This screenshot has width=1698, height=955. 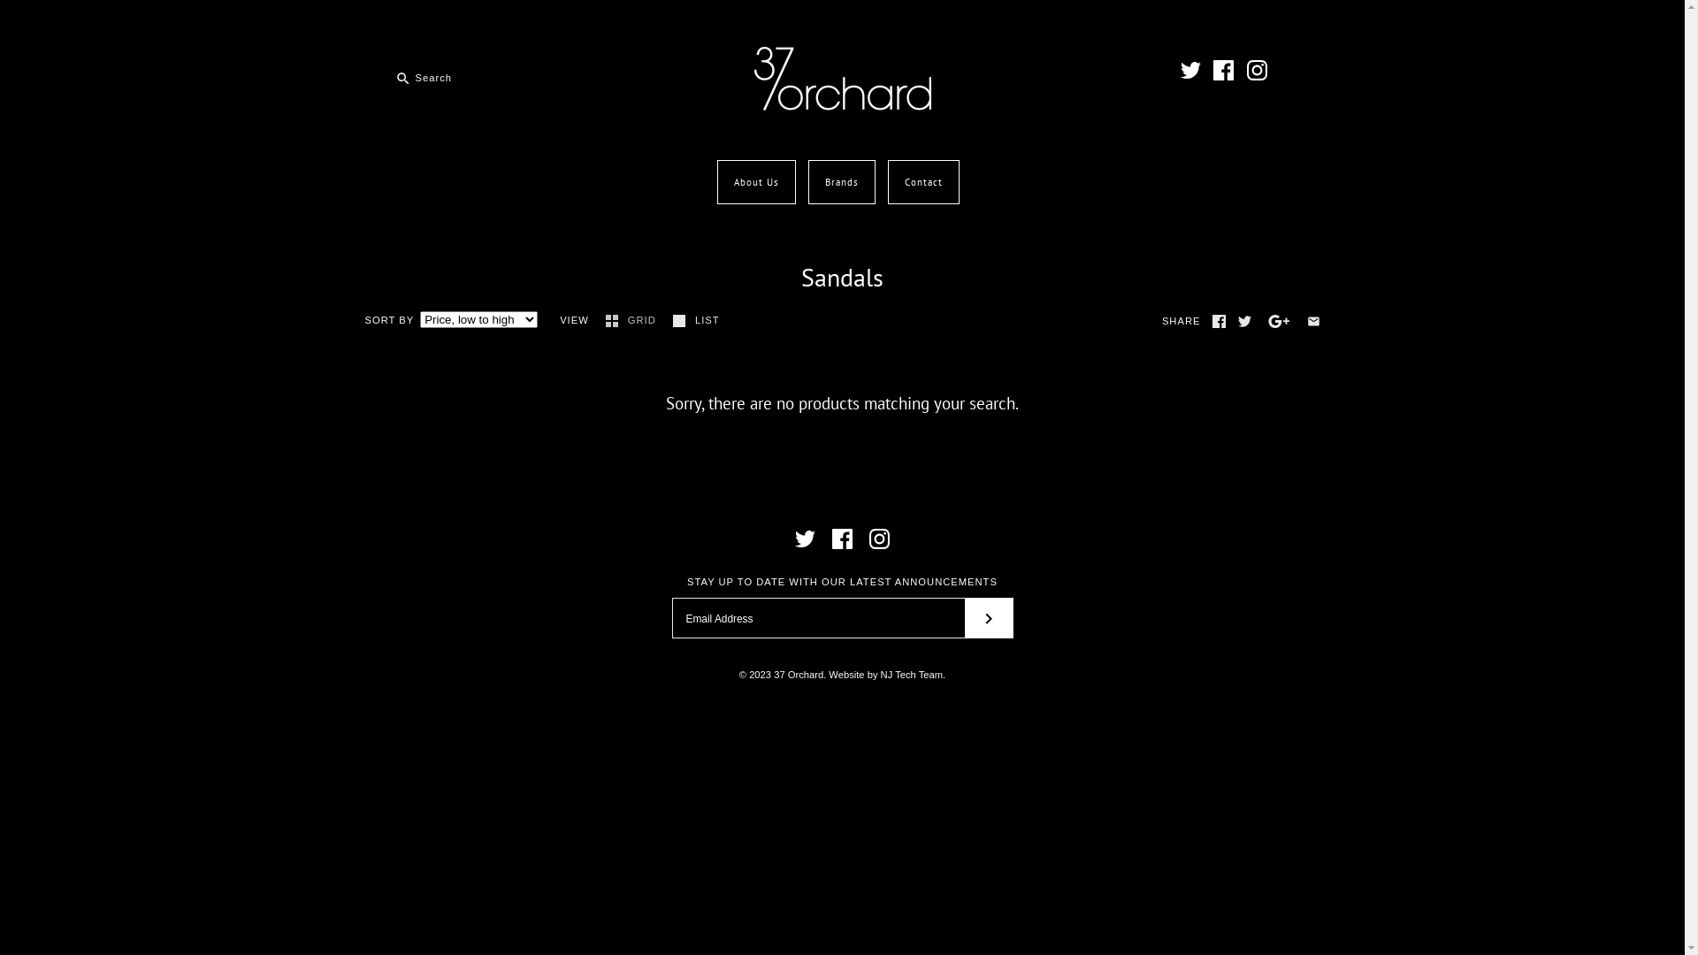 I want to click on 'RIGHT', so click(x=987, y=616).